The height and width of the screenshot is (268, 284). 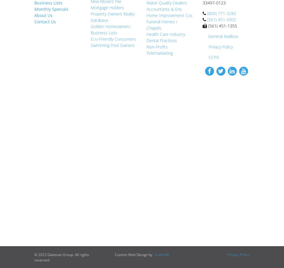 What do you see at coordinates (221, 26) in the screenshot?
I see `'(561) 451-1355'` at bounding box center [221, 26].